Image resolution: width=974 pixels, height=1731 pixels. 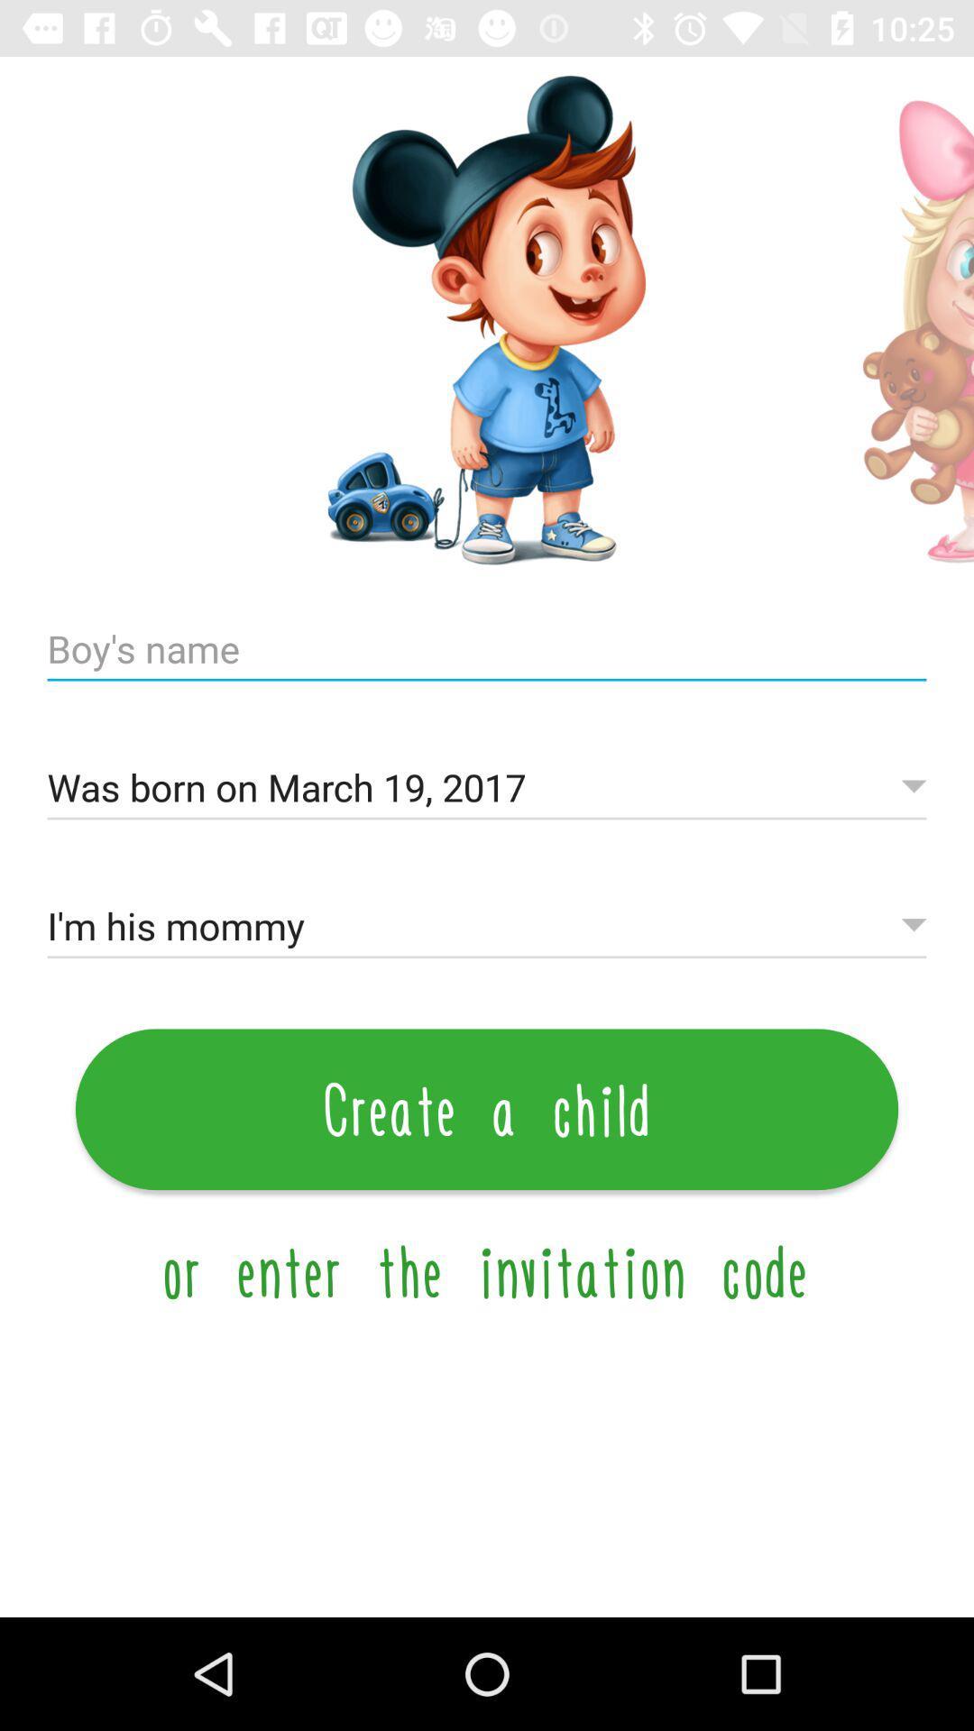 What do you see at coordinates (487, 1108) in the screenshot?
I see `create a child icon` at bounding box center [487, 1108].